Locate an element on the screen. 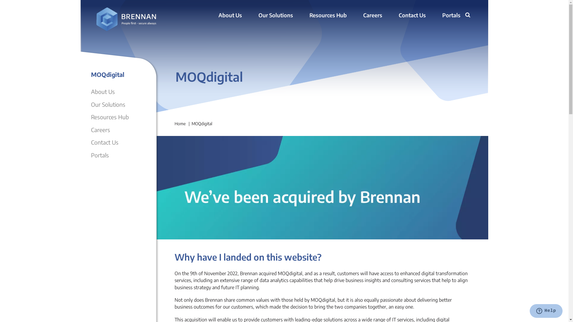  'Close' is located at coordinates (461, 23).